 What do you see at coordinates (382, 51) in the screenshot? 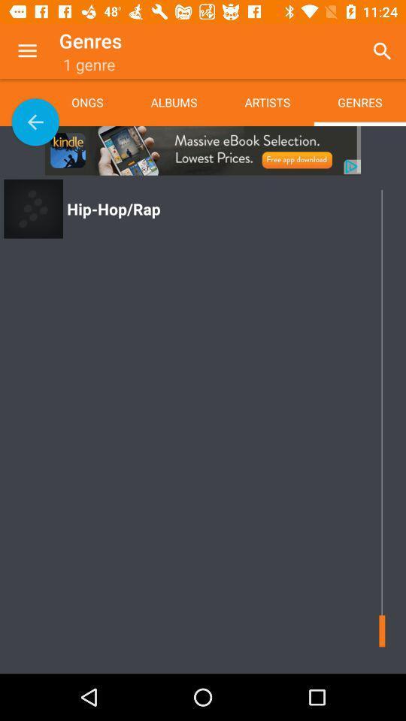
I see `app to the right of the artists icon` at bounding box center [382, 51].